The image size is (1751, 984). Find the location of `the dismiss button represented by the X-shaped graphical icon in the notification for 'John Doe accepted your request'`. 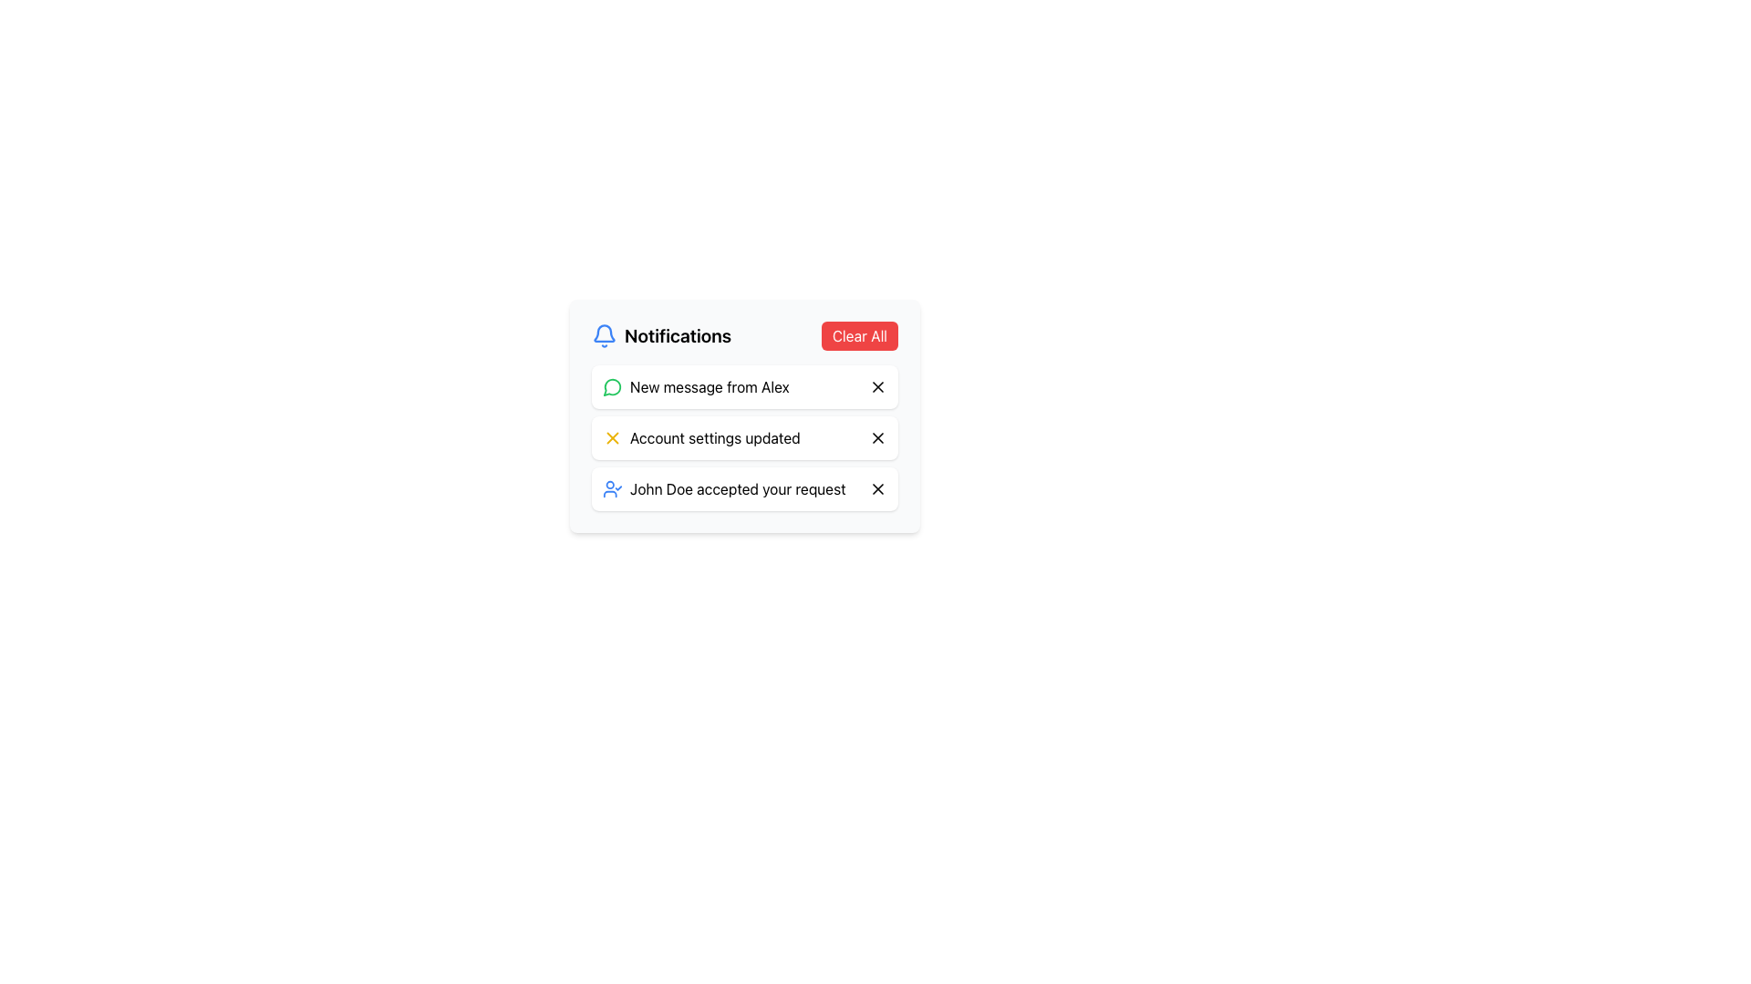

the dismiss button represented by the X-shaped graphical icon in the notification for 'John Doe accepted your request' is located at coordinates (878, 487).